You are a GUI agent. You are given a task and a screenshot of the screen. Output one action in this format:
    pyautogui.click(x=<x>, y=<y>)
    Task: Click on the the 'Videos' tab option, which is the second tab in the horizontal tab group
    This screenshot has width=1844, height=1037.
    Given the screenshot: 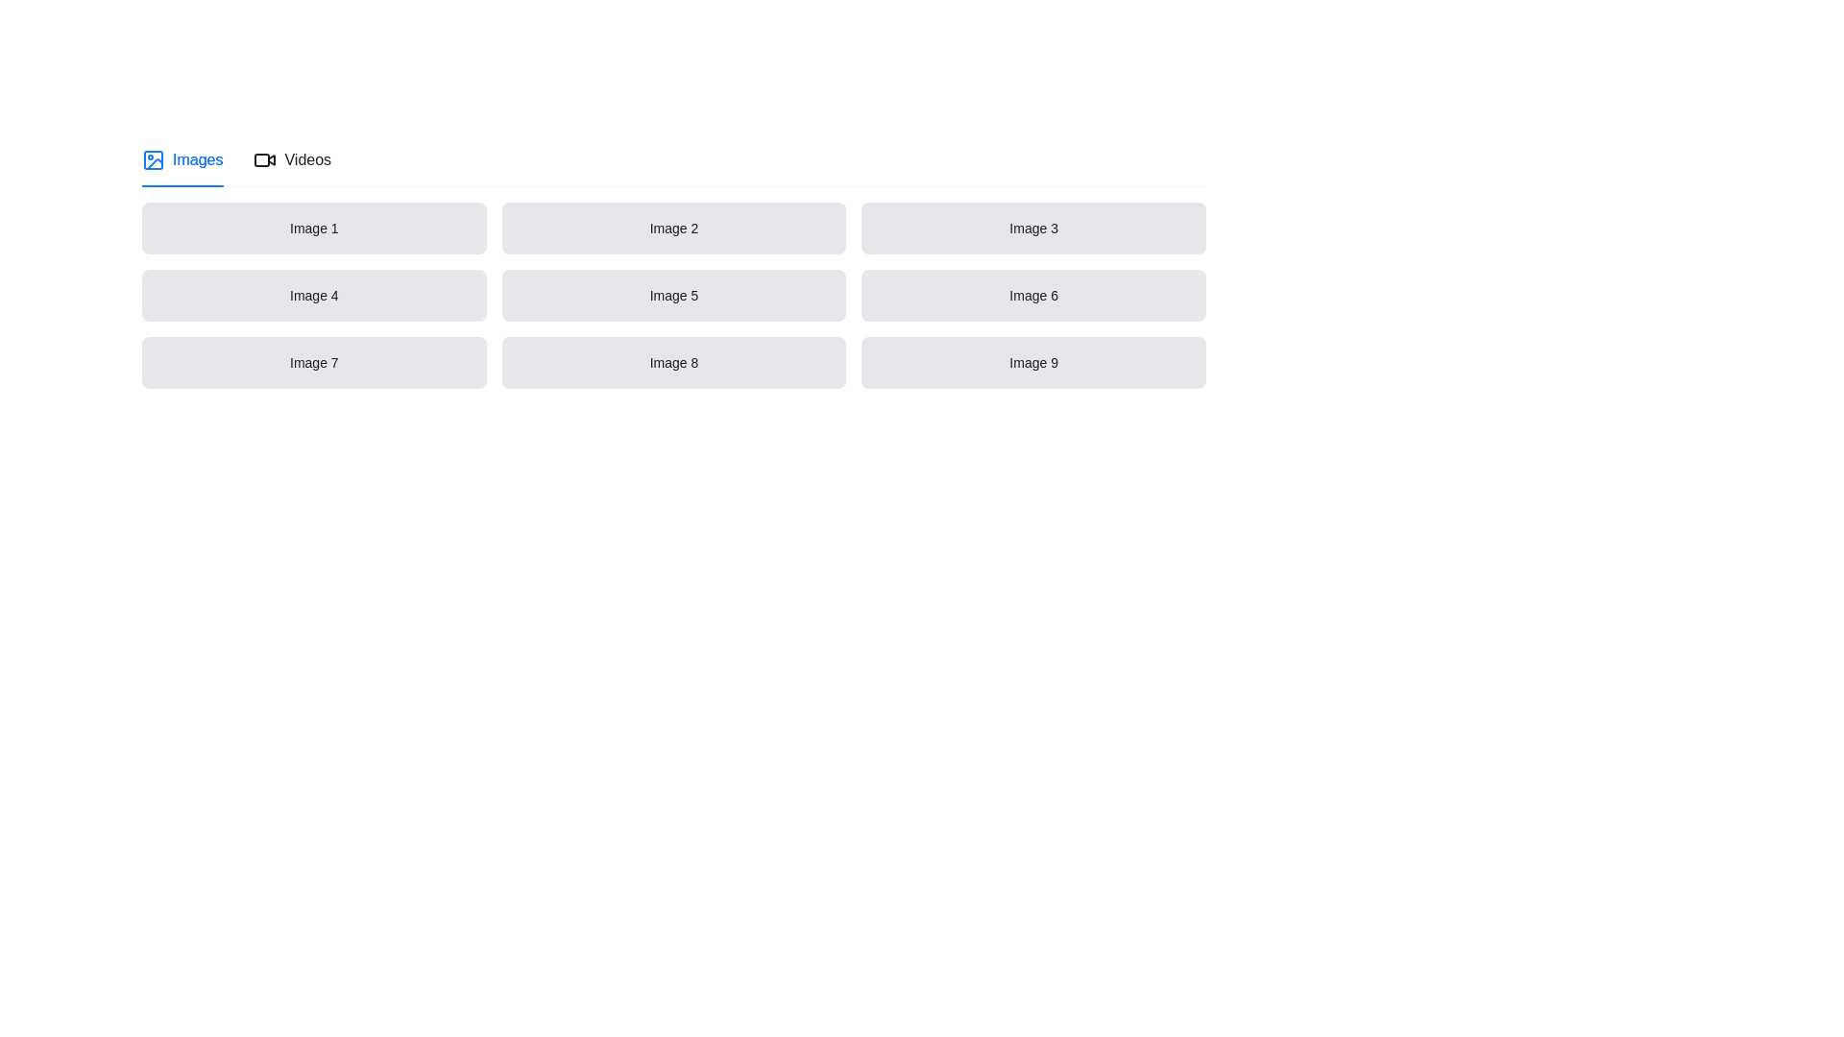 What is the action you would take?
    pyautogui.click(x=290, y=157)
    